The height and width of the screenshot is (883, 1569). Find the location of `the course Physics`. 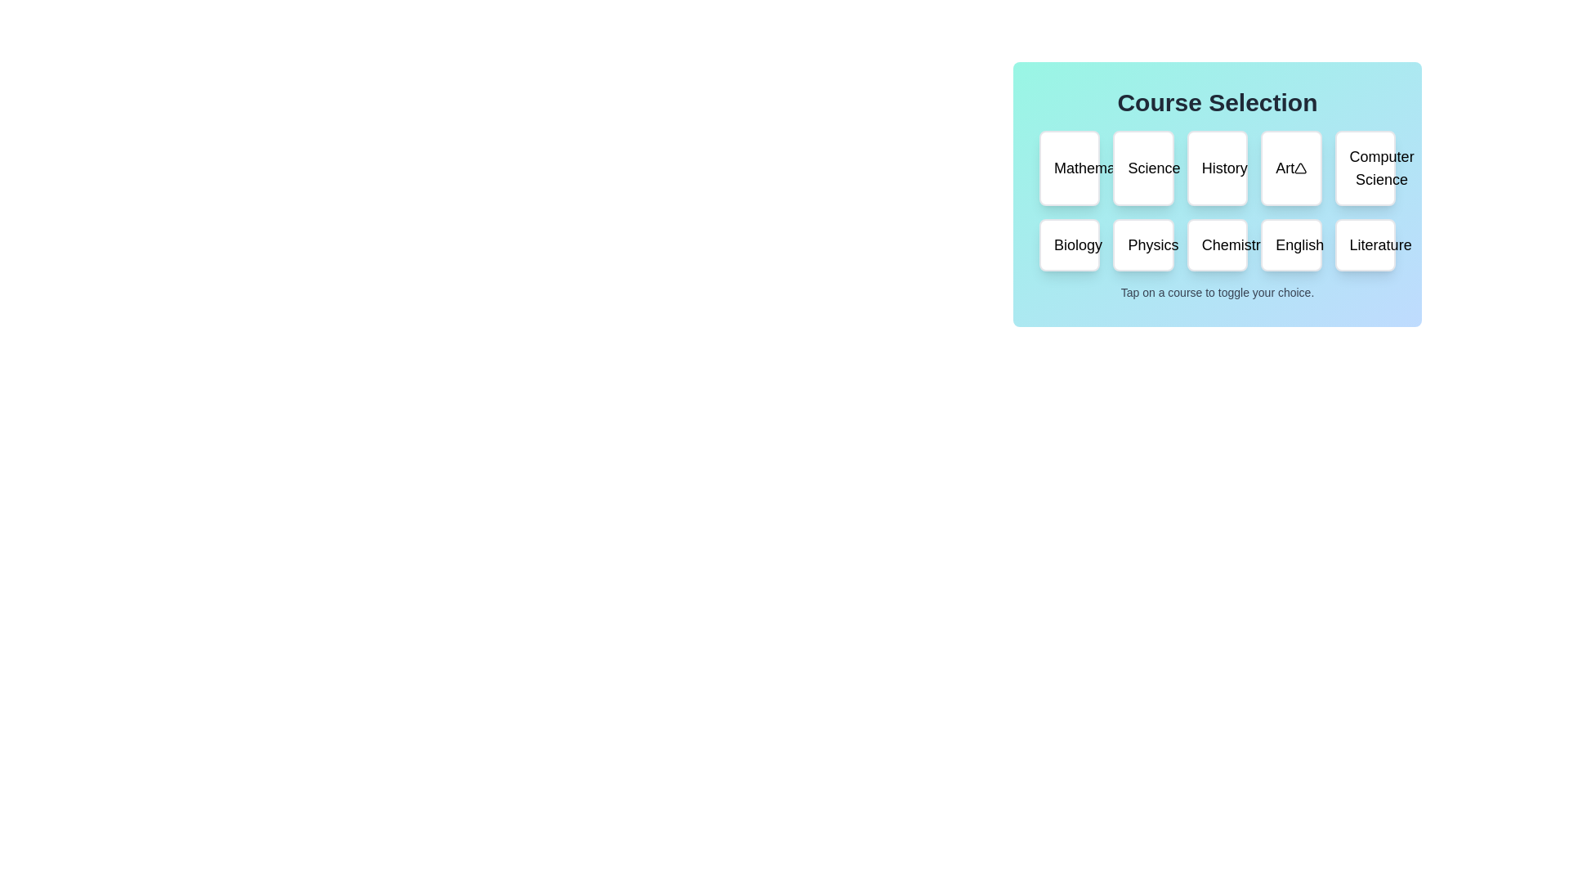

the course Physics is located at coordinates (1142, 245).